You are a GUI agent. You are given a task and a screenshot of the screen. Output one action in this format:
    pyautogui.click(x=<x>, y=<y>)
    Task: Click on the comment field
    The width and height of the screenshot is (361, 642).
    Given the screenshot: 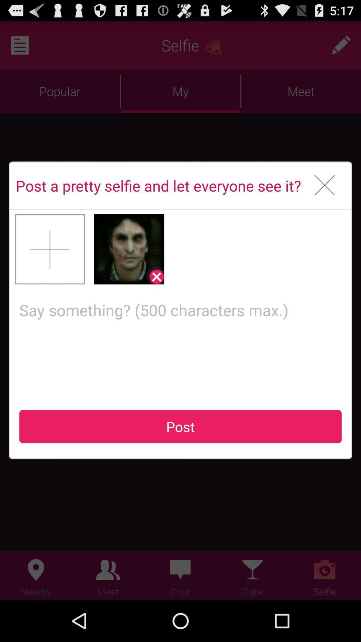 What is the action you would take?
    pyautogui.click(x=180, y=341)
    